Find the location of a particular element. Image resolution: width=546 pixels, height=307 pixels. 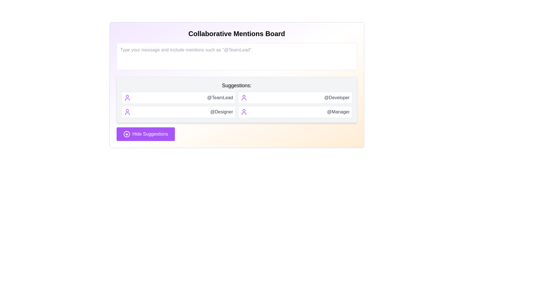

the mention suggestions in the Suggestion box titled 'Suggestions:' located in the central lower part of the interface within the 'Collaborative Mentions Board' is located at coordinates (237, 99).